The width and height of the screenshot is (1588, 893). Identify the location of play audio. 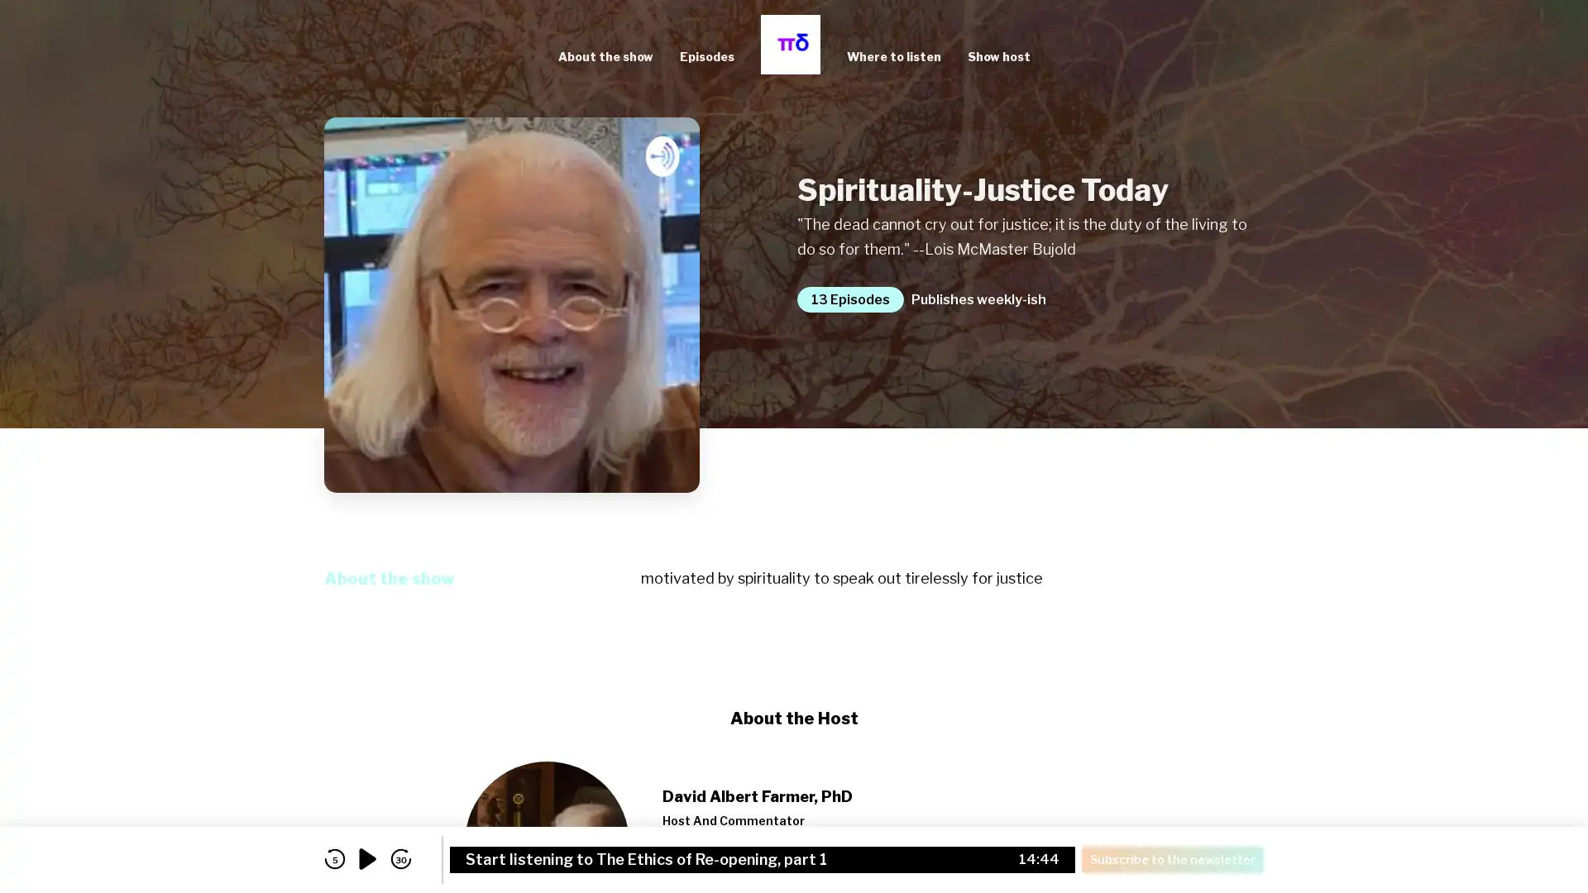
(367, 858).